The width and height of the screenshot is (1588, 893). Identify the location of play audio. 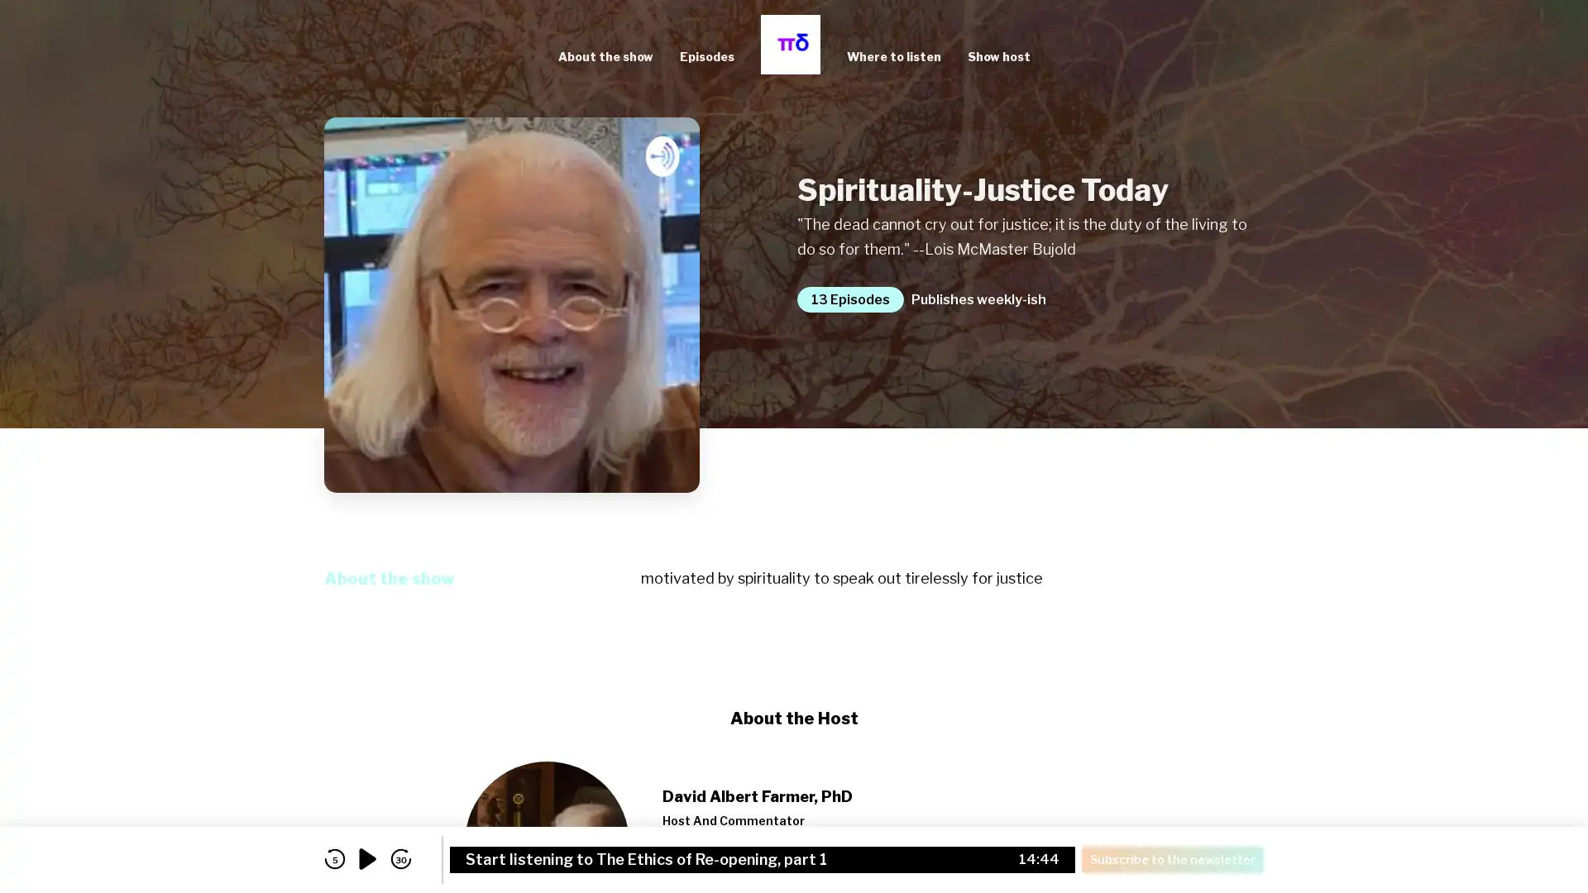
(367, 858).